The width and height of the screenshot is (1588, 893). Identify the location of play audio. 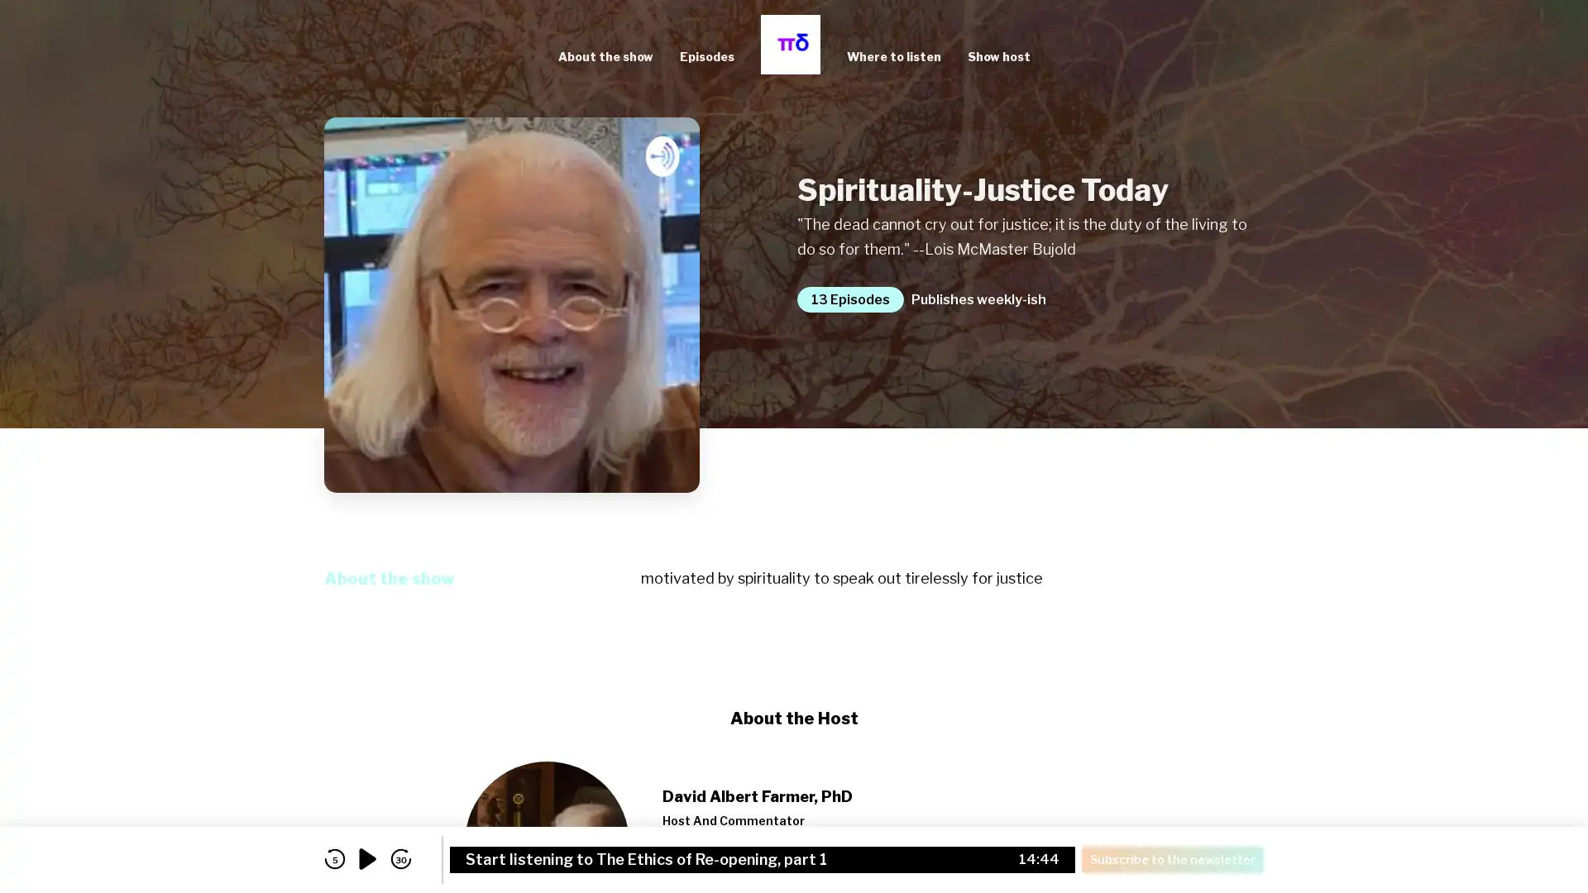
(367, 858).